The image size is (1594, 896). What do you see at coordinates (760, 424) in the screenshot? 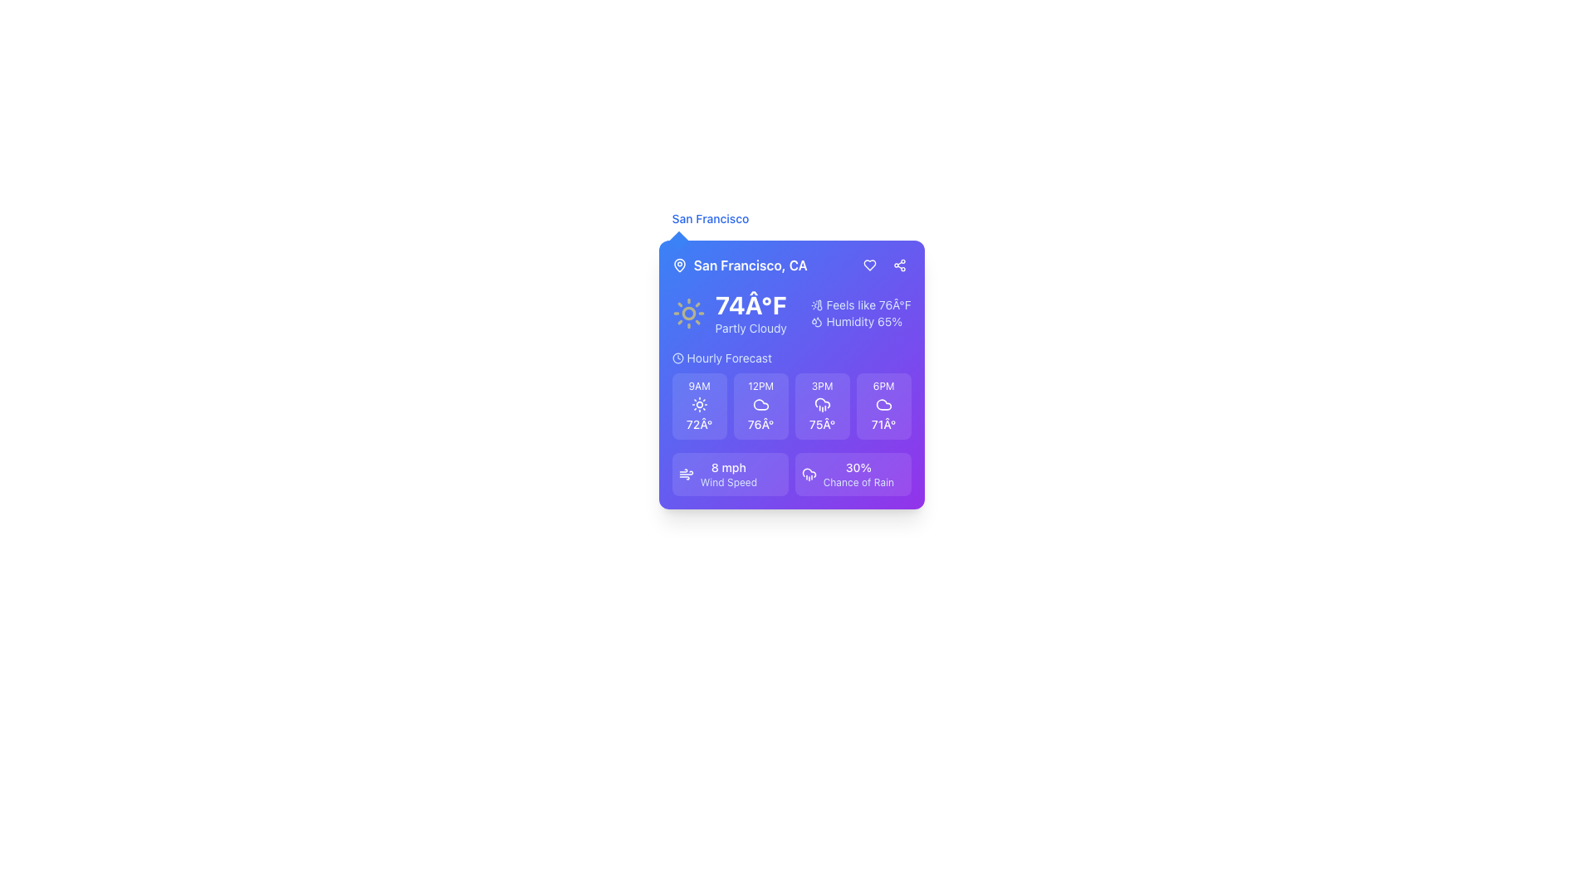
I see `the static text label displaying the temperature value '76Â°' located in the 'Hourly Forecast' section, which is styled with a medium-sized white font and positioned below the time label '12PM'` at bounding box center [760, 424].